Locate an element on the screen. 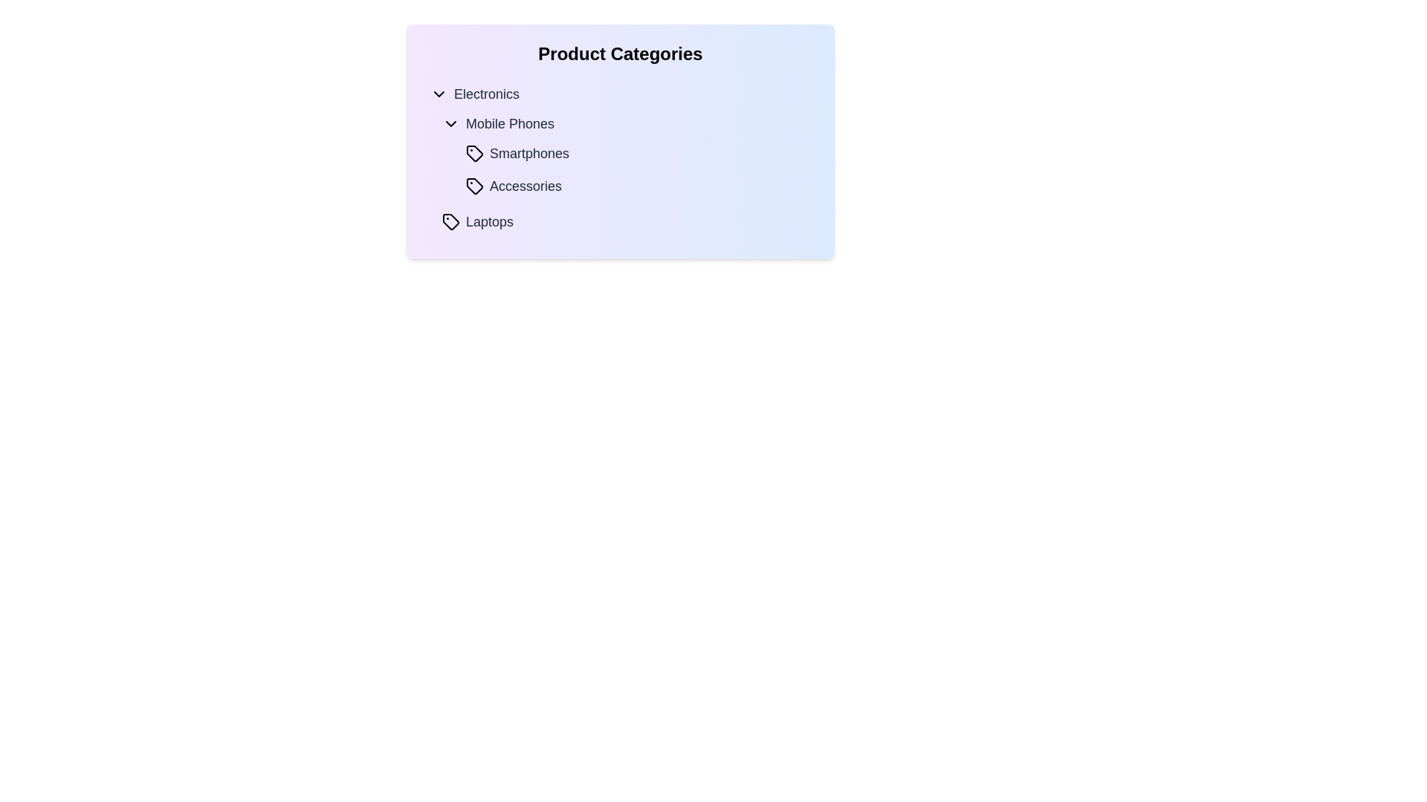  the 'Laptops' category menu item located at the bottom of the list under the expanded 'Mobile Phones' category in the 'Product Categories' section is located at coordinates (621, 222).